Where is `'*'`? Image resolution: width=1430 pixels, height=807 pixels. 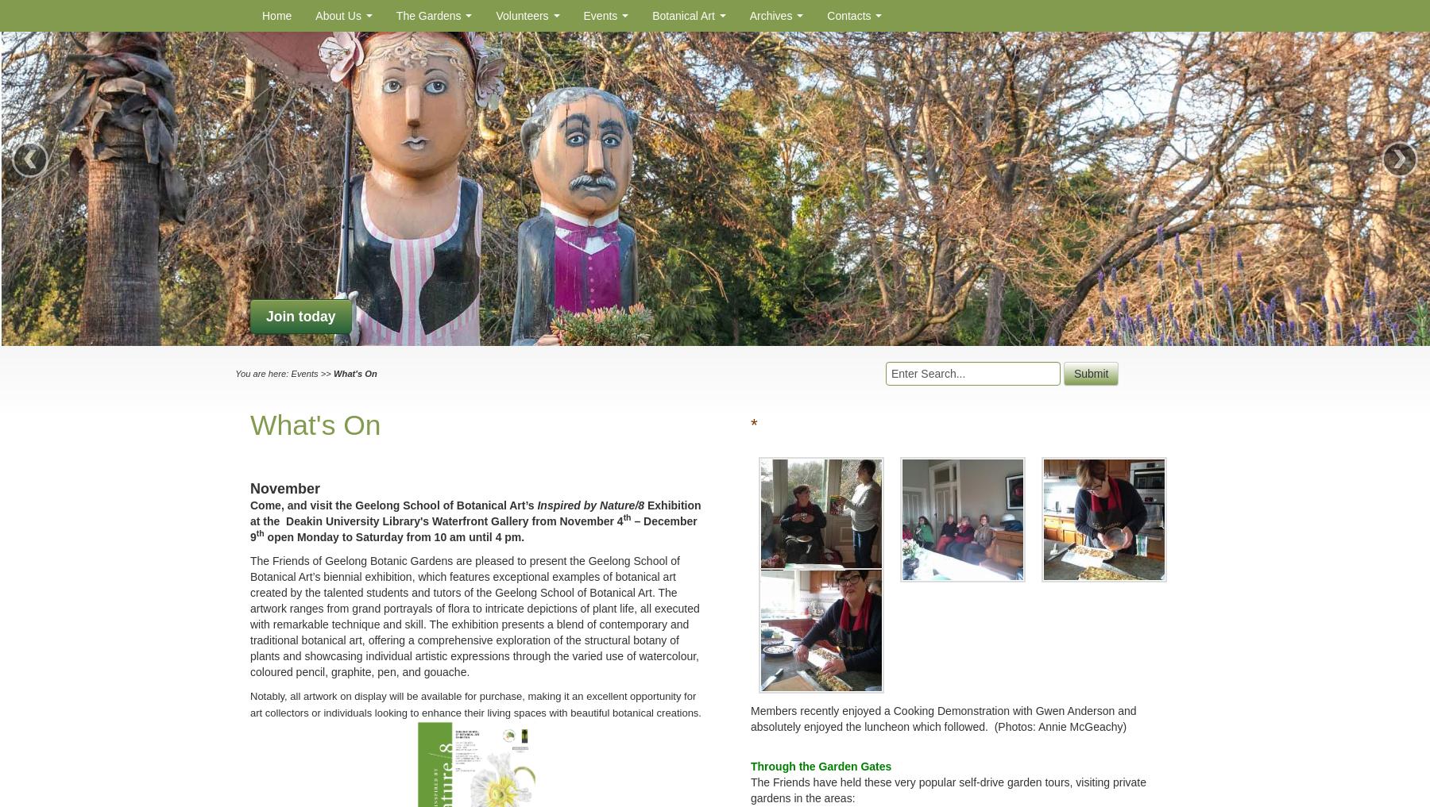 '*' is located at coordinates (752, 424).